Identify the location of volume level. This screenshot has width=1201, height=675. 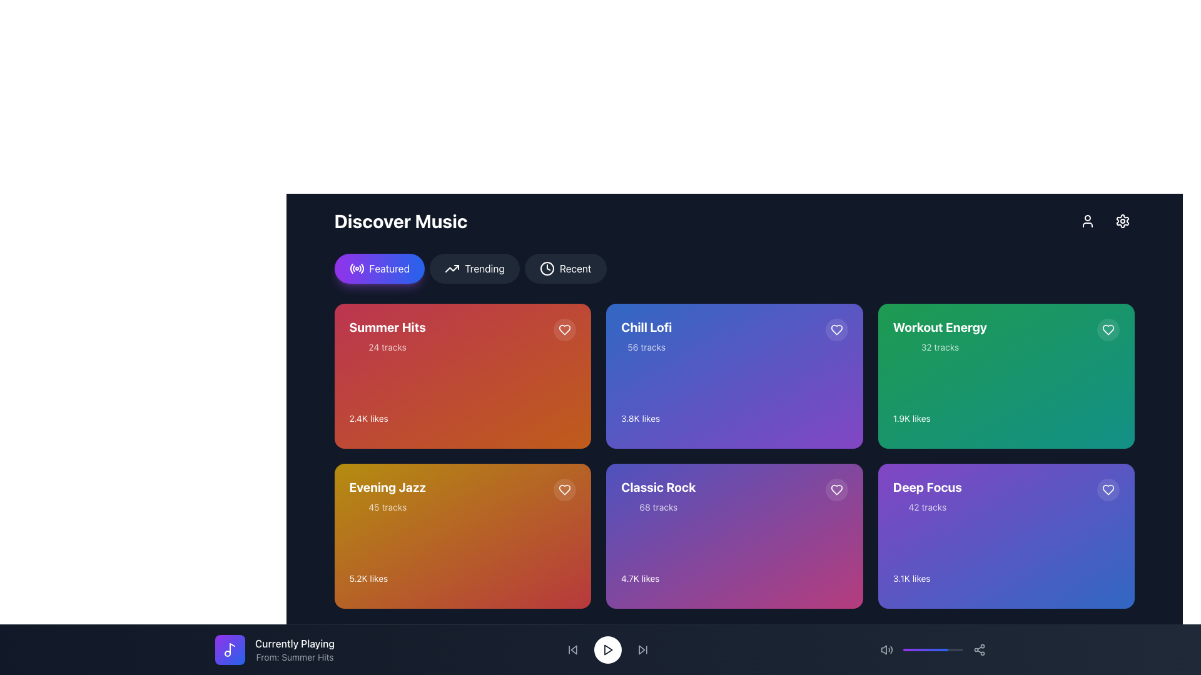
(948, 649).